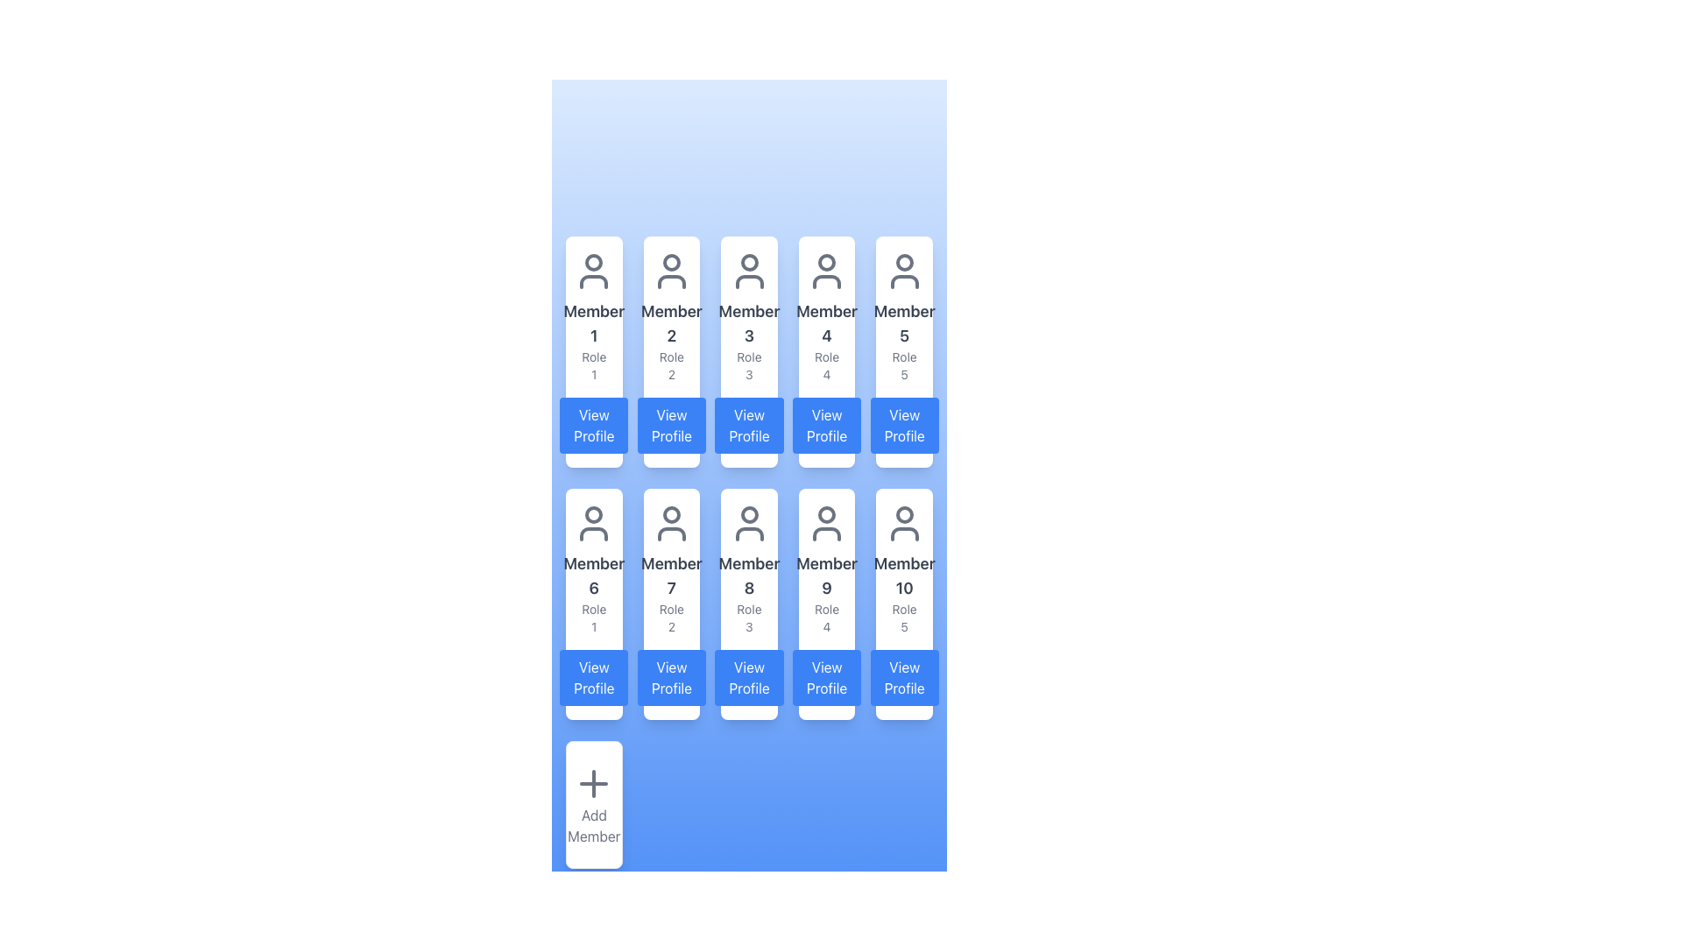  What do you see at coordinates (749, 351) in the screenshot?
I see `the user card for 'Member 3' which contains text, an icon, and a 'View Profile' button, located in the third position of the top row in a grid layout` at bounding box center [749, 351].